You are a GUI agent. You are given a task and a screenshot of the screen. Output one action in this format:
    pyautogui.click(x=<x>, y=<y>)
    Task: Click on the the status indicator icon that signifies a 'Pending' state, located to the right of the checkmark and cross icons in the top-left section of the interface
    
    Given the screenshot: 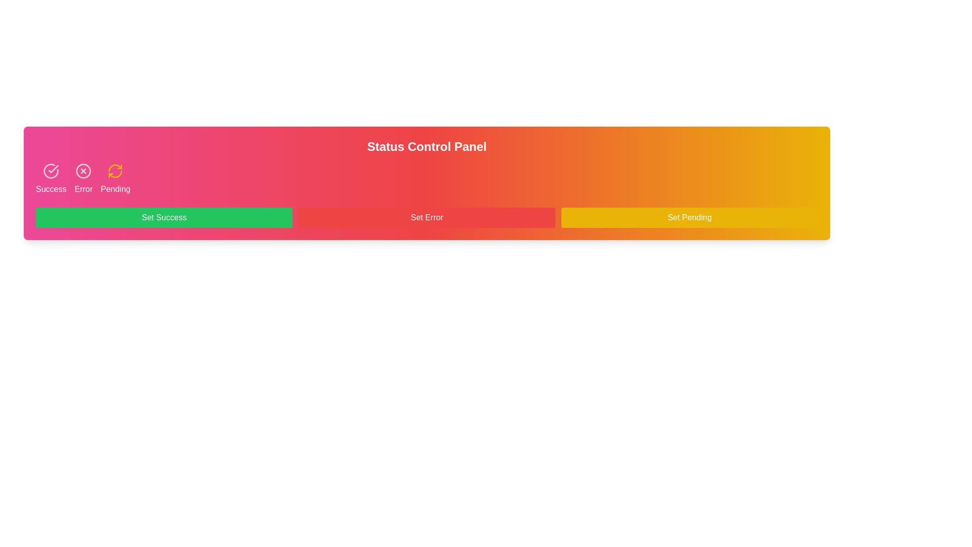 What is the action you would take?
    pyautogui.click(x=115, y=171)
    